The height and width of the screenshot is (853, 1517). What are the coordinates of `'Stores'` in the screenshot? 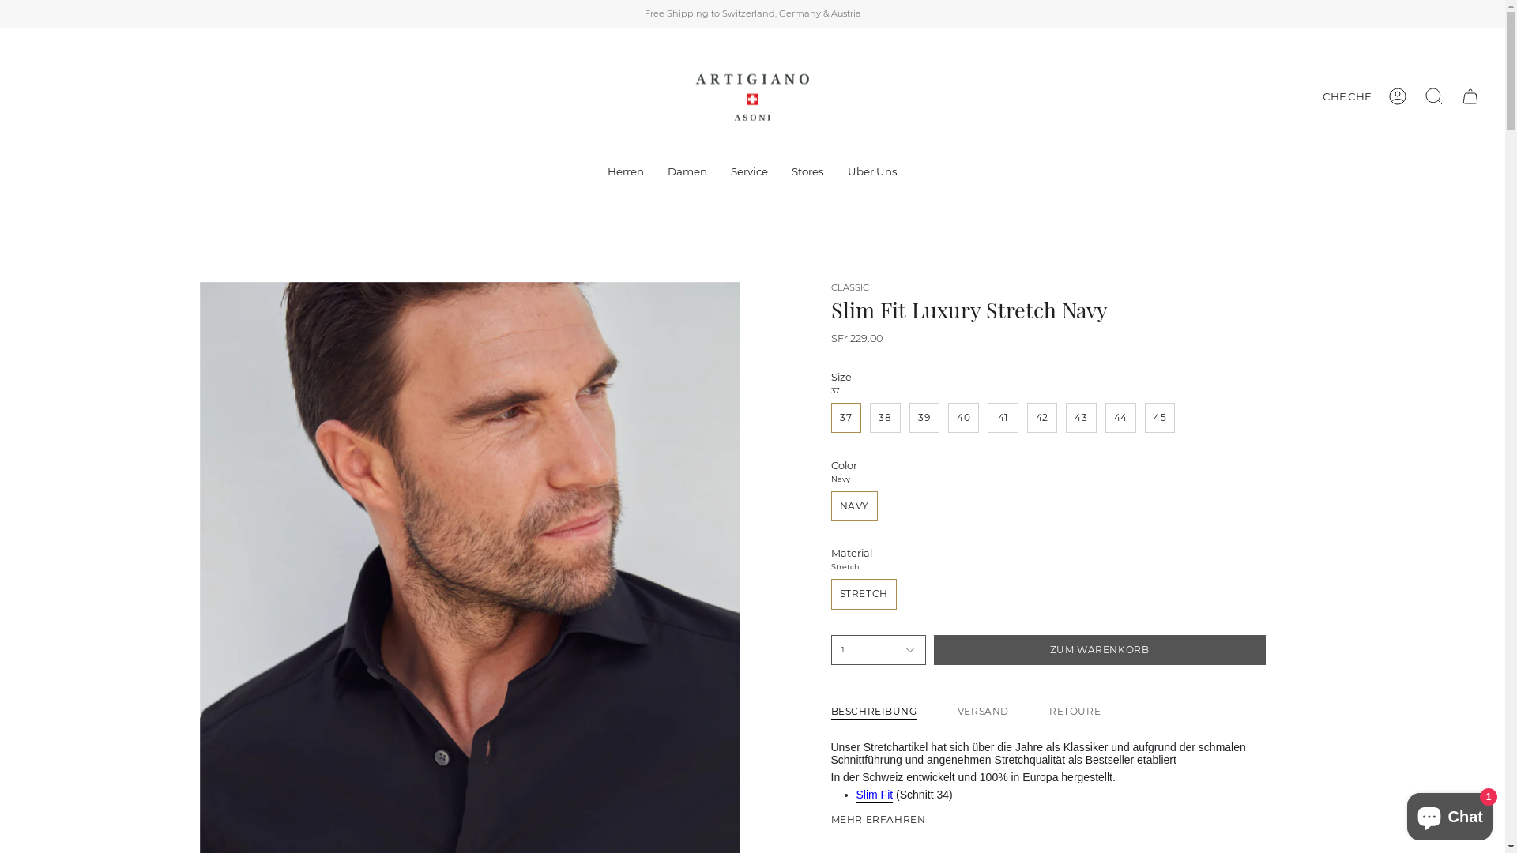 It's located at (807, 172).